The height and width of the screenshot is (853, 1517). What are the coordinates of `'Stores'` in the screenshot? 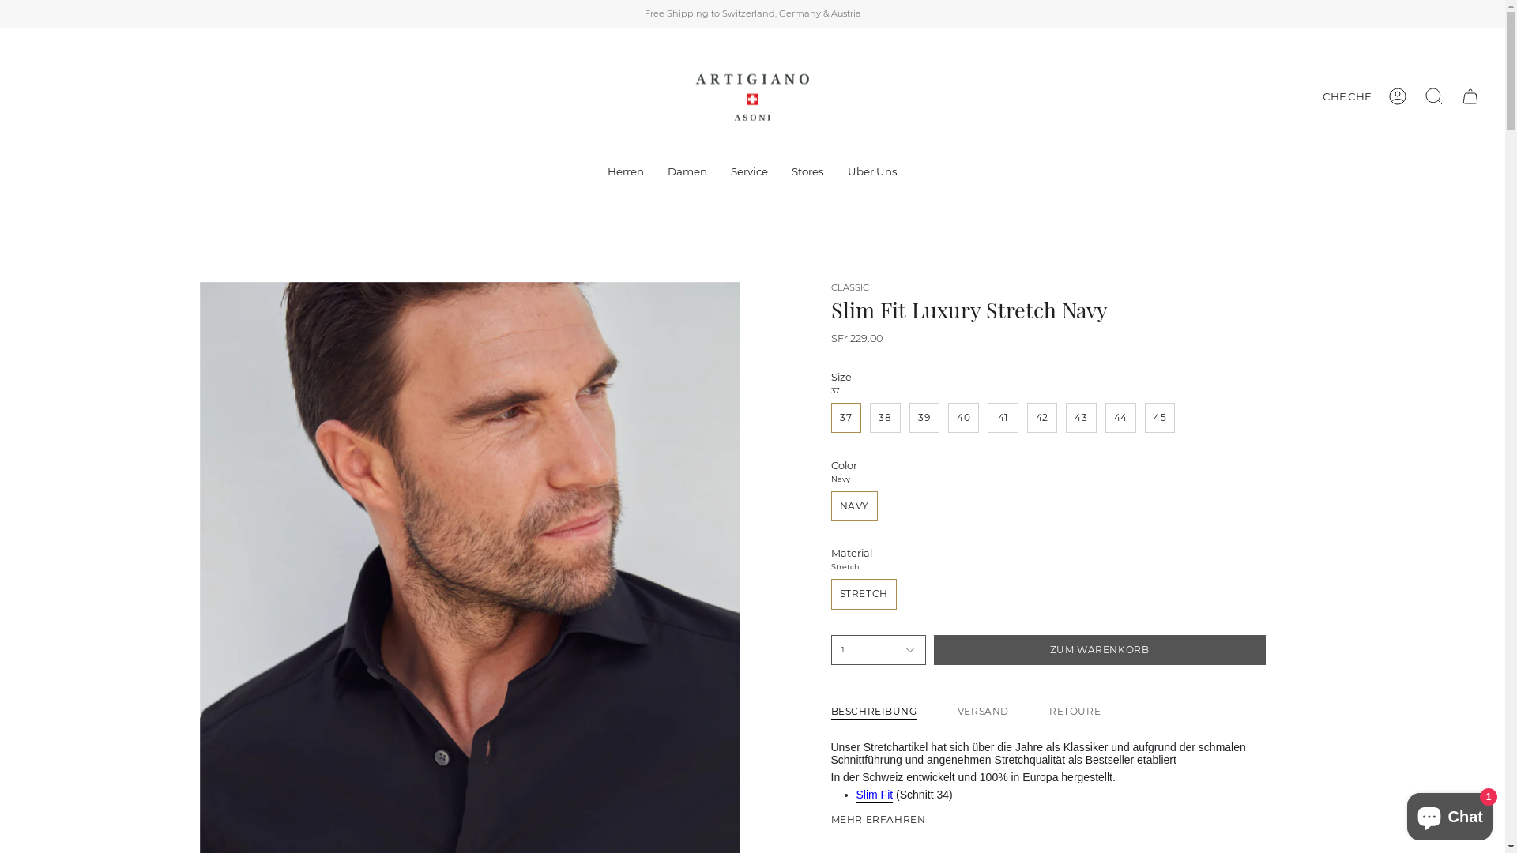 It's located at (807, 172).